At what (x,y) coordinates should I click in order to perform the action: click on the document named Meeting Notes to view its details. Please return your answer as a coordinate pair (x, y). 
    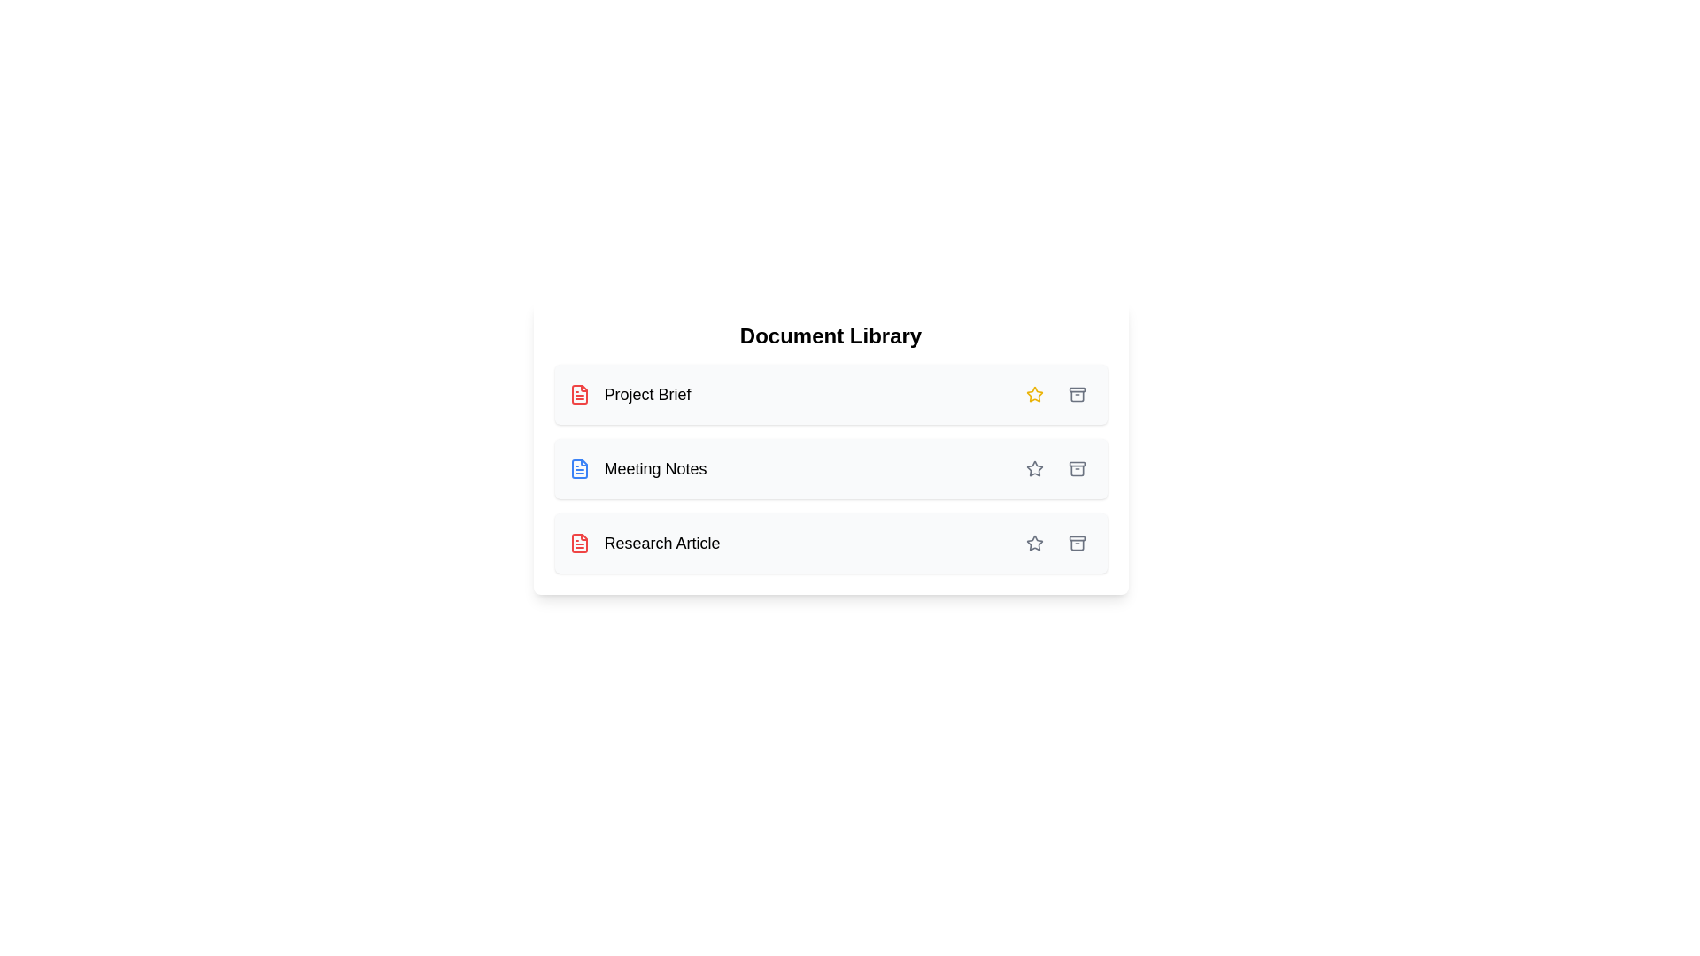
    Looking at the image, I should click on (637, 467).